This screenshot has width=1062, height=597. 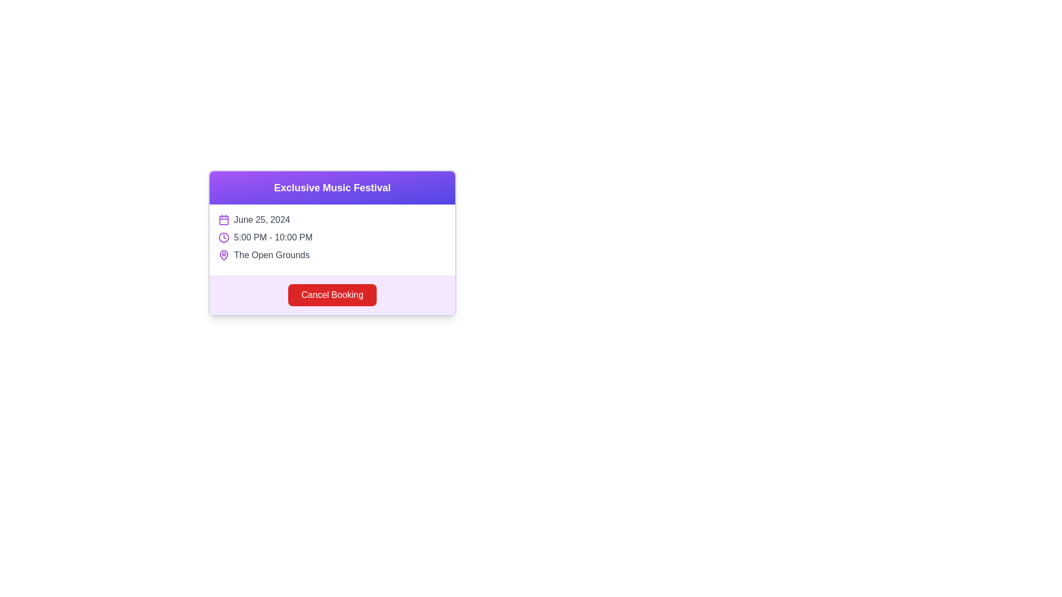 What do you see at coordinates (331, 294) in the screenshot?
I see `the rectangular red button with white text that reads 'Cancel Booking' to initiate the cancellation process` at bounding box center [331, 294].